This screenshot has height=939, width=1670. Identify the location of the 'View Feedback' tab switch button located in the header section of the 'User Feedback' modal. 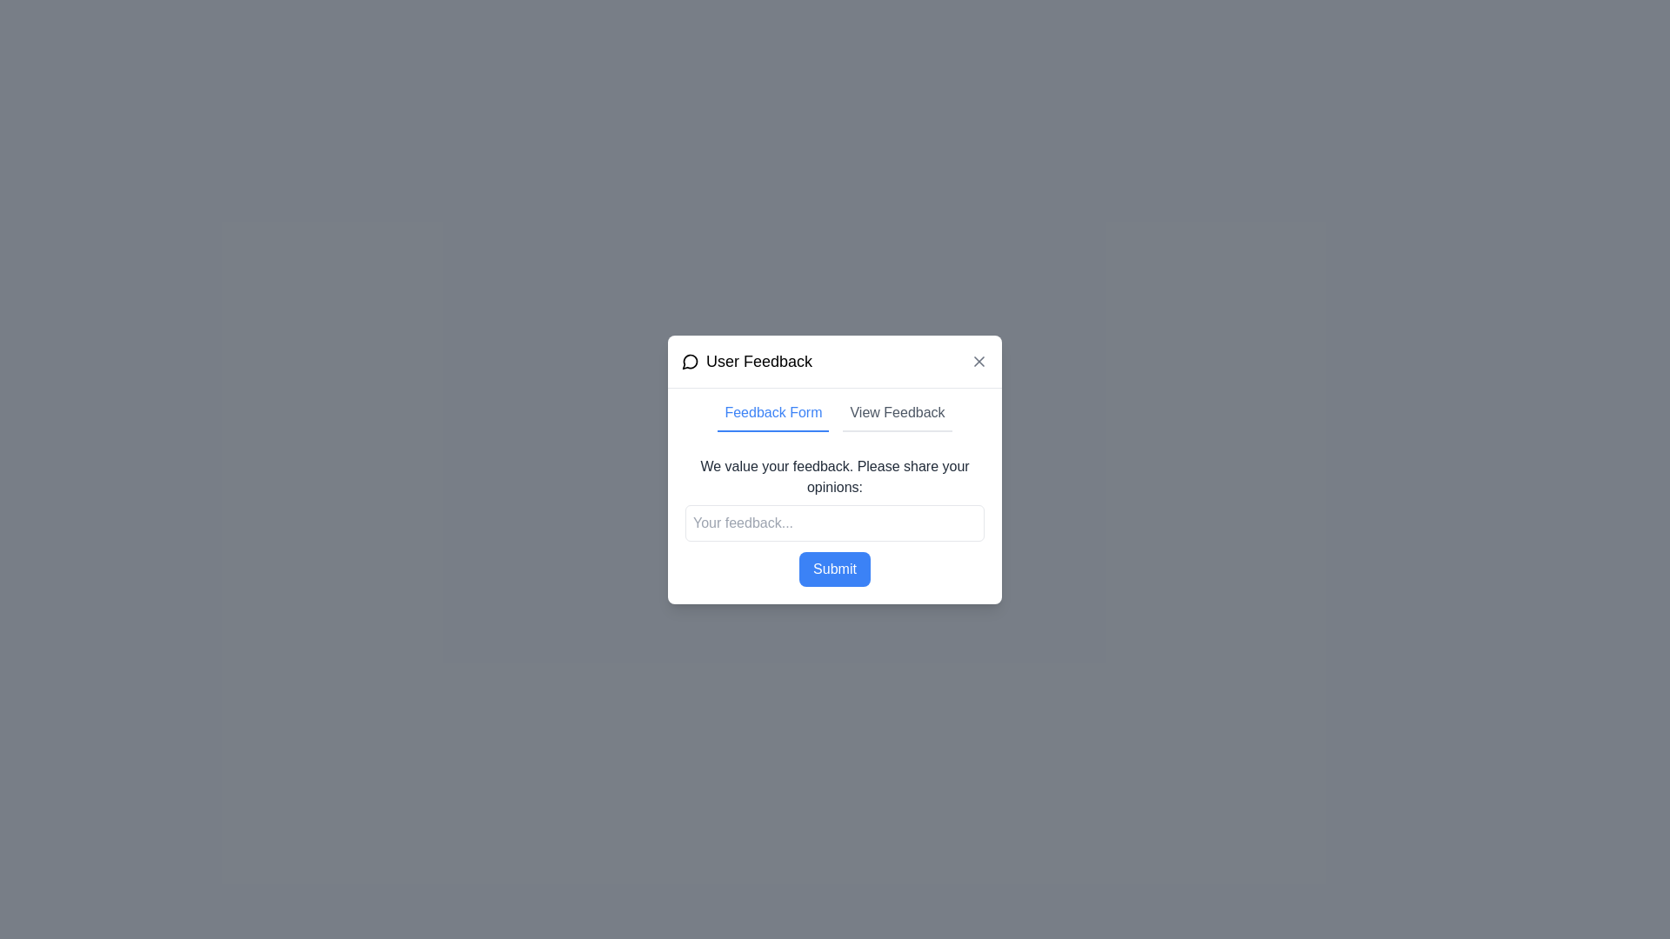
(898, 413).